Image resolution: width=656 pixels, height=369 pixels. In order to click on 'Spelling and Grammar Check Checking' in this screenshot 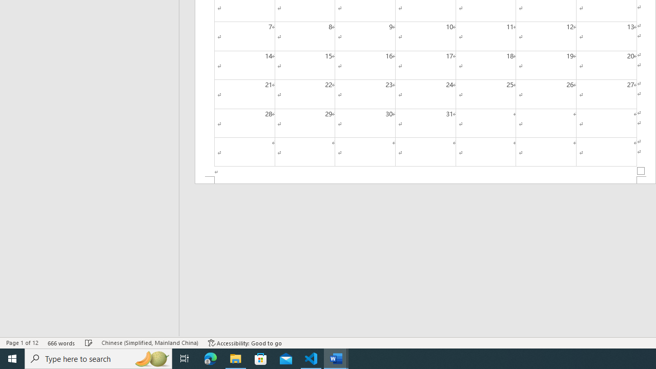, I will do `click(89, 343)`.